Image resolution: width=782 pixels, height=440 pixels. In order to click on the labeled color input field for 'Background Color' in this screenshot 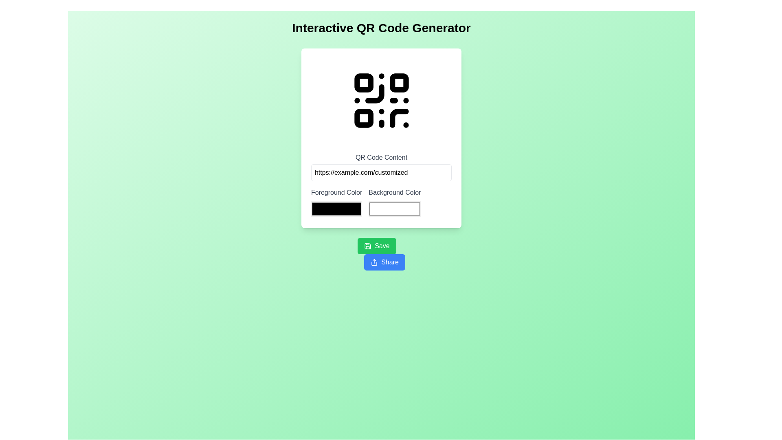, I will do `click(395, 202)`.